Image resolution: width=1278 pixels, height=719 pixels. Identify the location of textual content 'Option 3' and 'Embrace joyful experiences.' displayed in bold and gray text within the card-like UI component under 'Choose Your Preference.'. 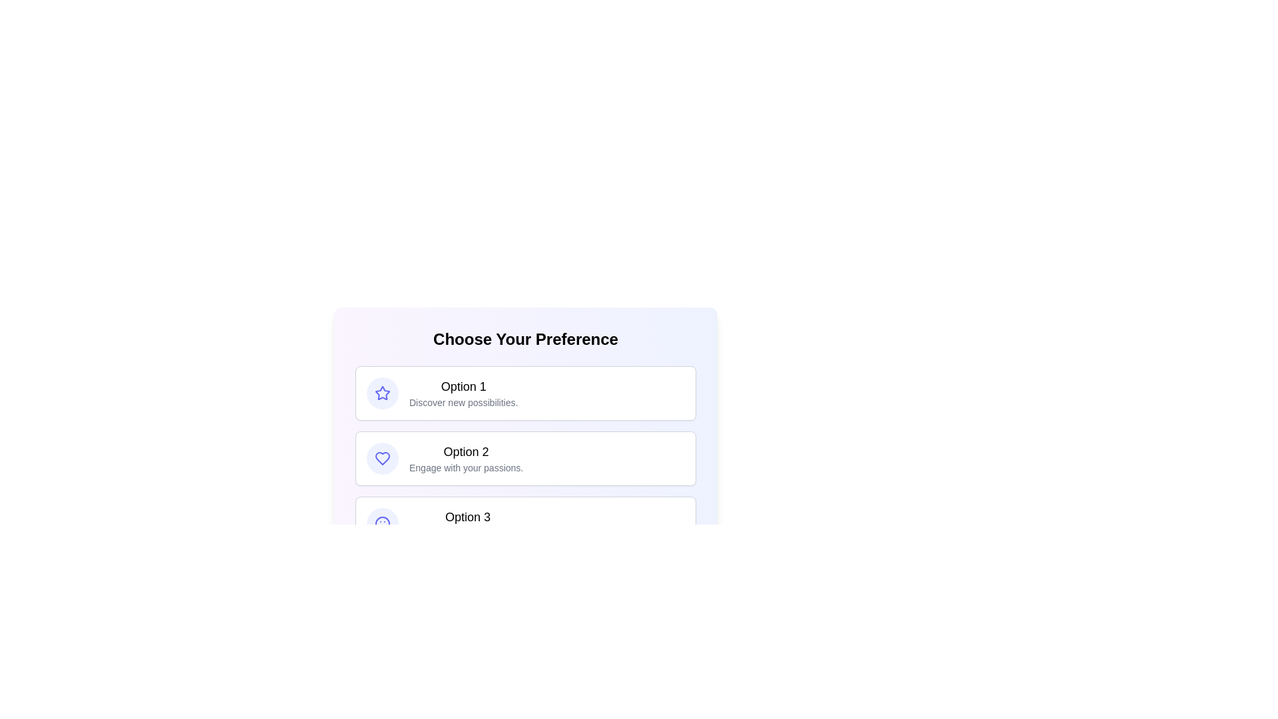
(467, 523).